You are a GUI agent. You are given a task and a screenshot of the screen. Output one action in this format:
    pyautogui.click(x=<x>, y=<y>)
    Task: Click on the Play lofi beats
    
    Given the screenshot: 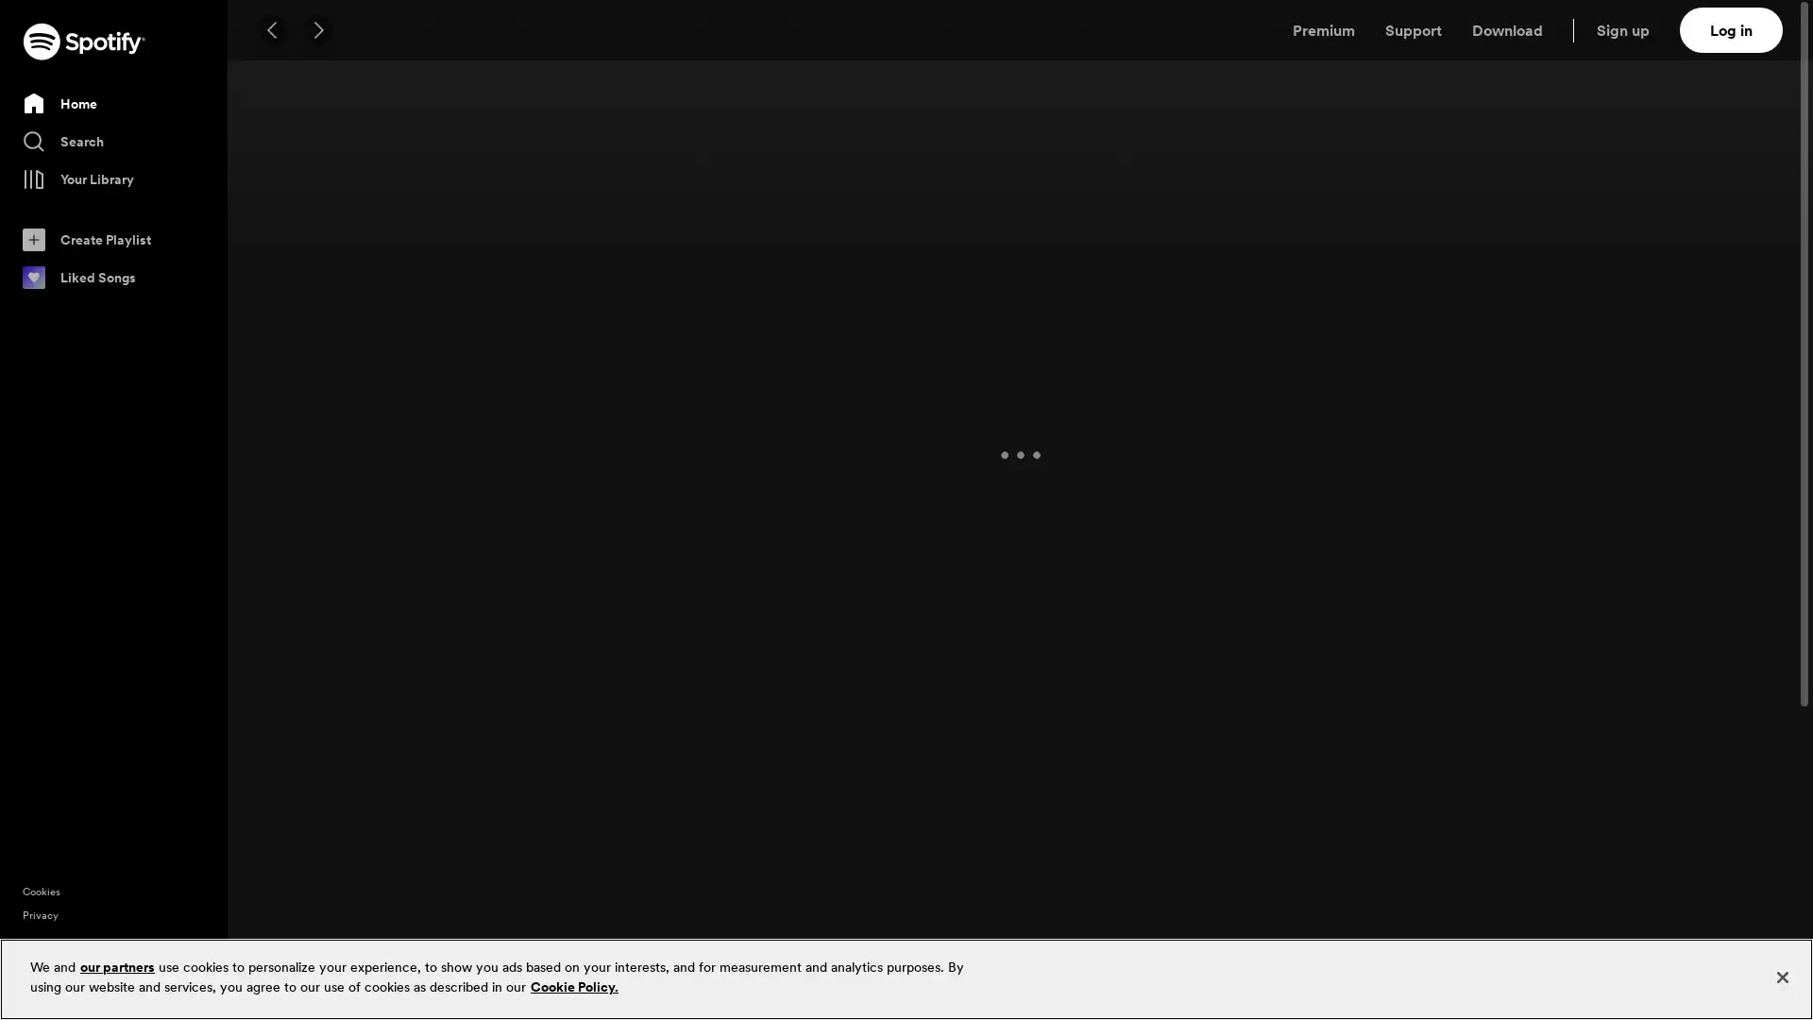 What is the action you would take?
    pyautogui.click(x=770, y=604)
    